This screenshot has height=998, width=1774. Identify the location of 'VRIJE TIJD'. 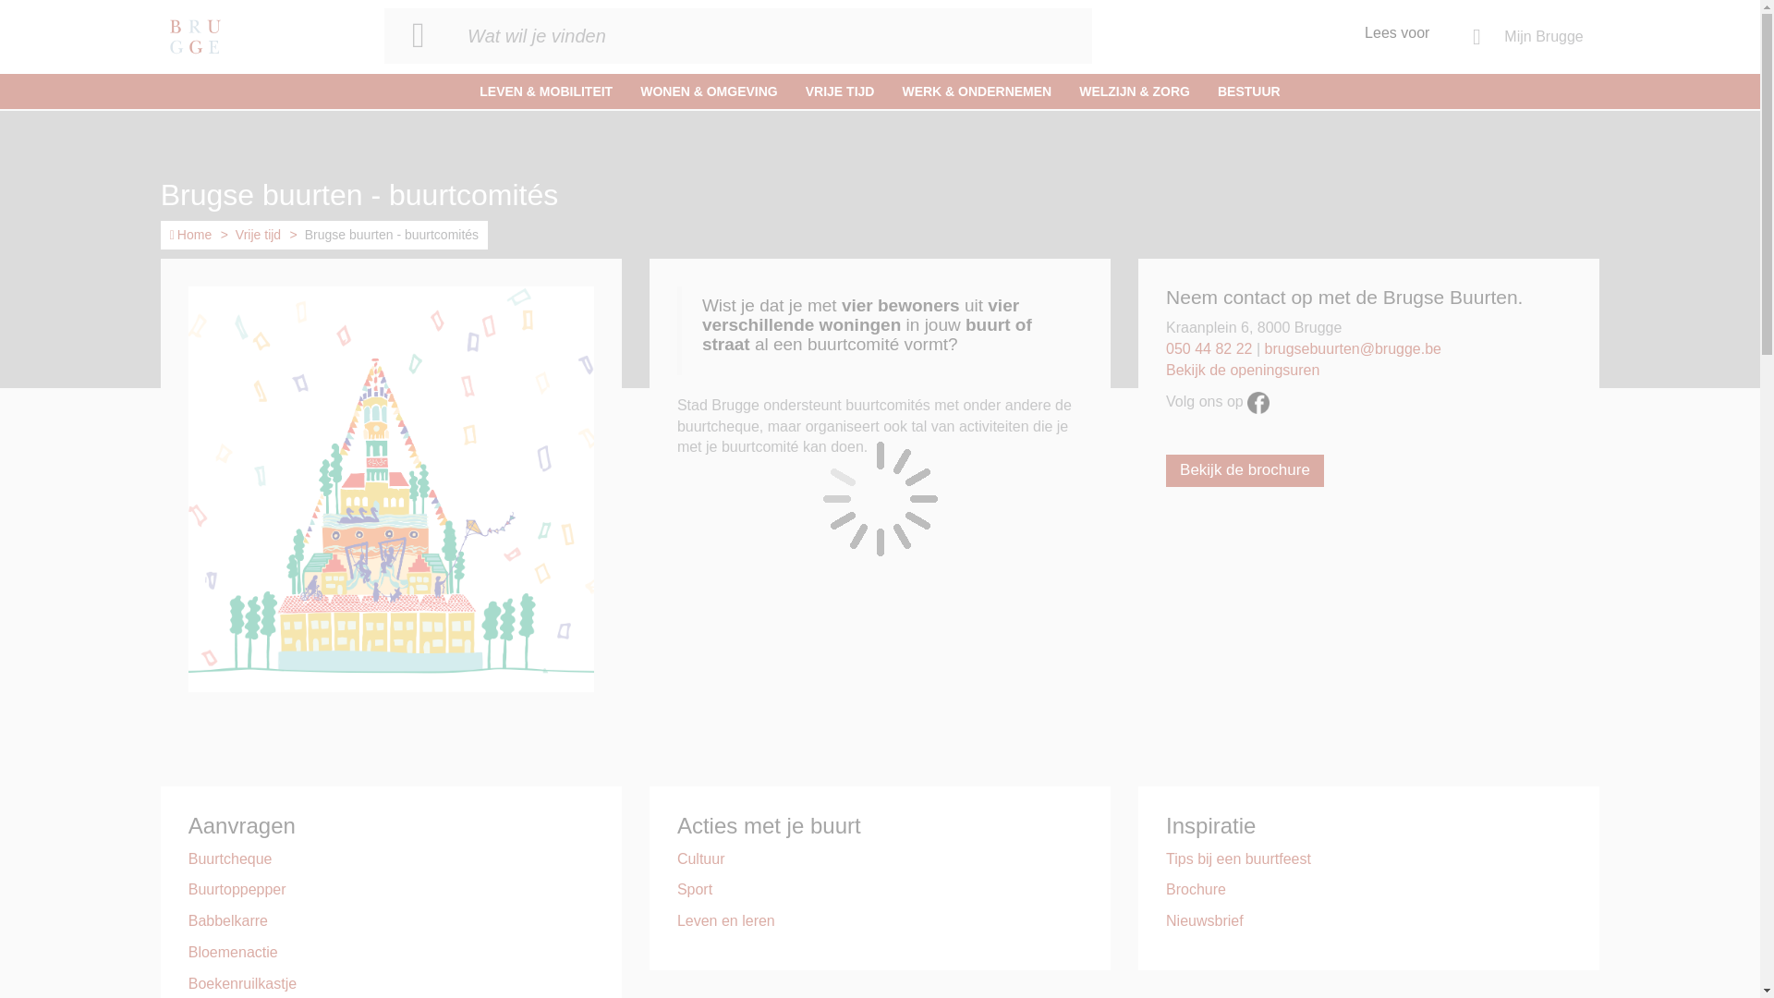
(839, 91).